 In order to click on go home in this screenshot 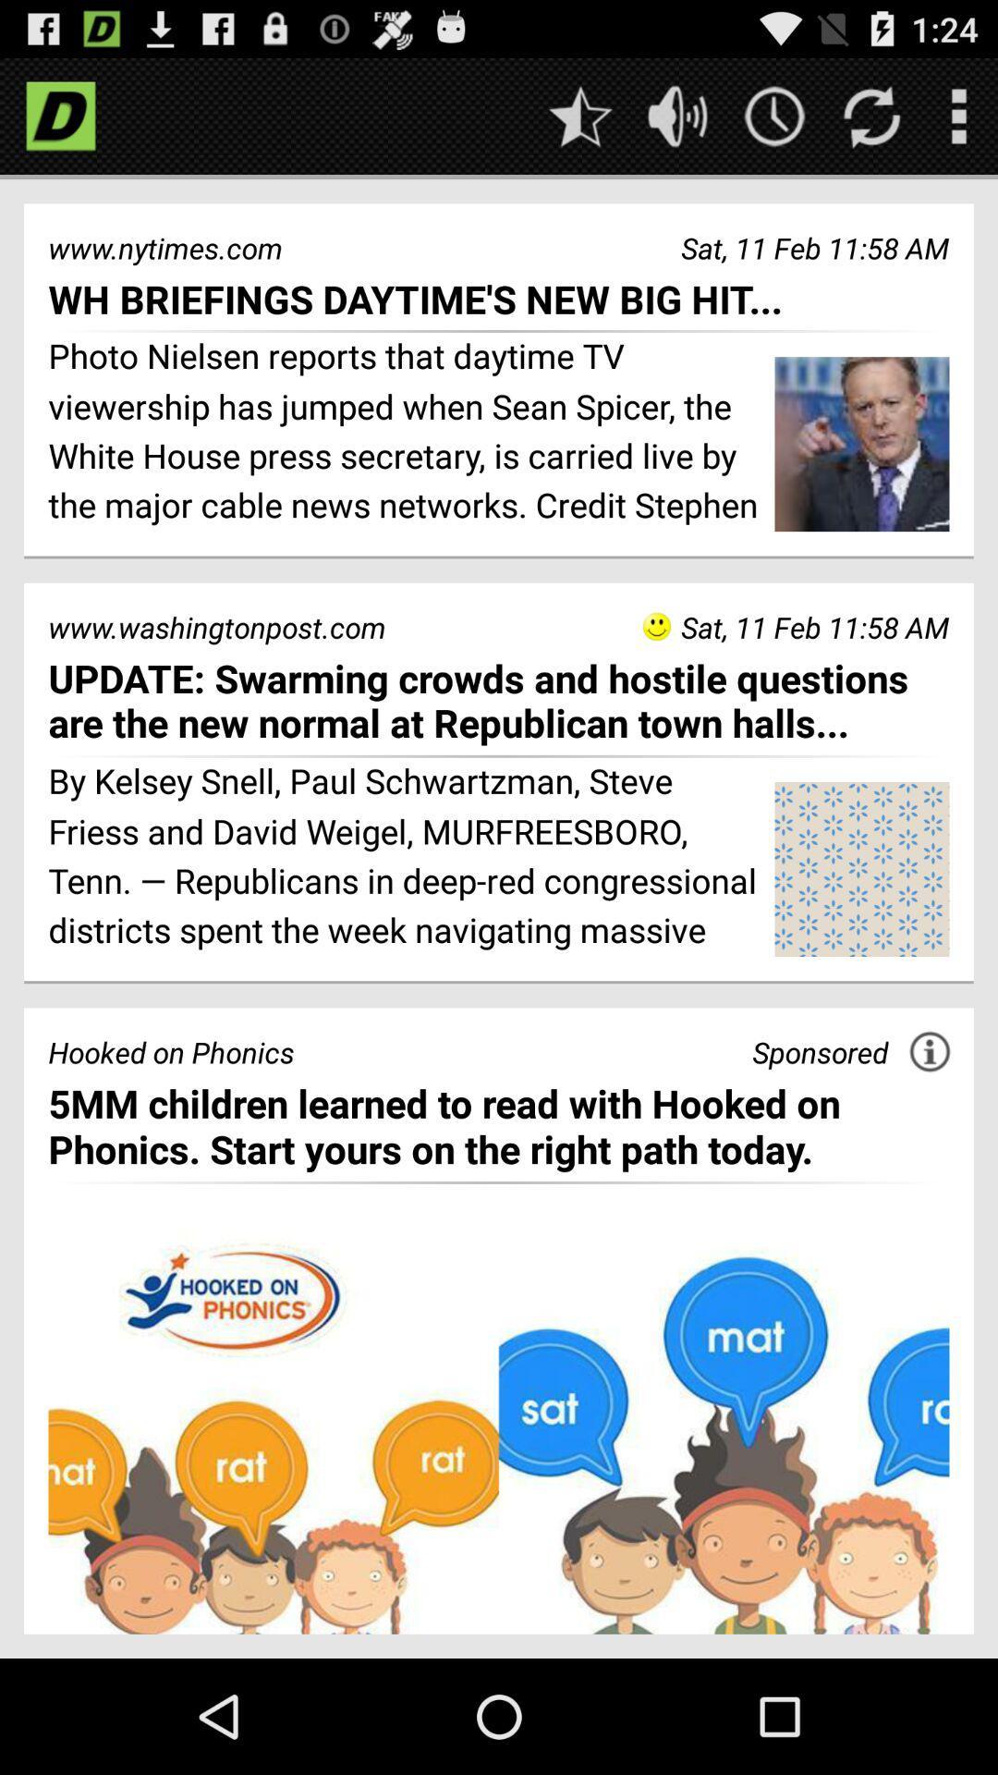, I will do `click(59, 115)`.